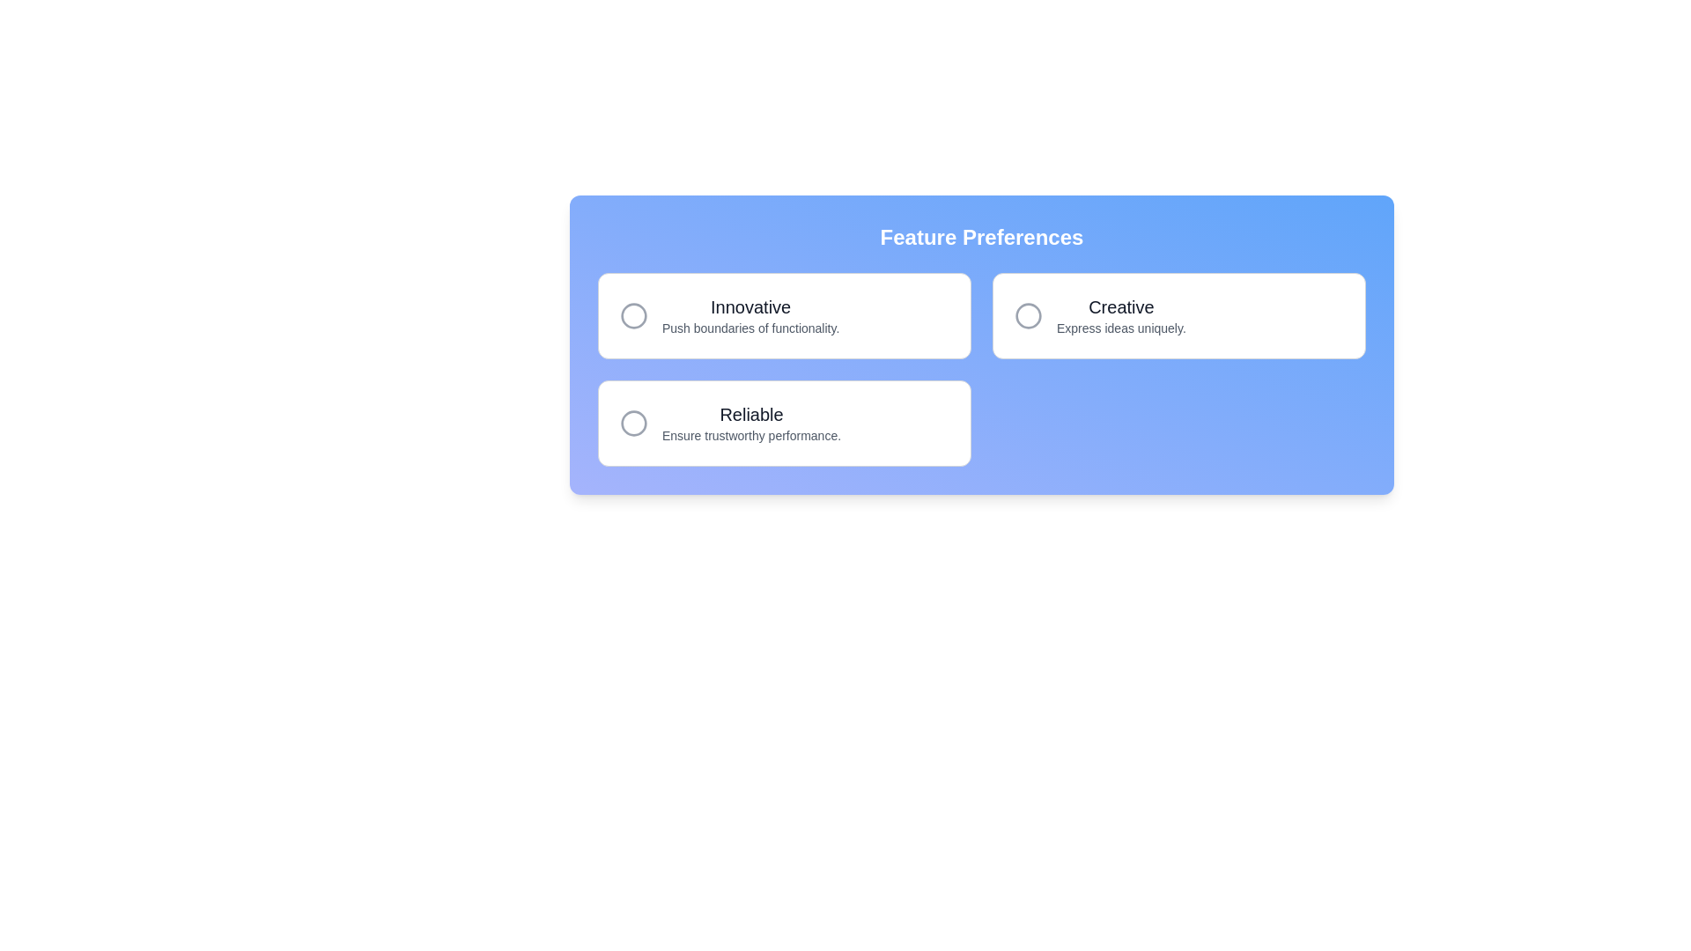  Describe the element at coordinates (634, 424) in the screenshot. I see `the circular outline of the 'Reliable' feature preference radio button` at that location.